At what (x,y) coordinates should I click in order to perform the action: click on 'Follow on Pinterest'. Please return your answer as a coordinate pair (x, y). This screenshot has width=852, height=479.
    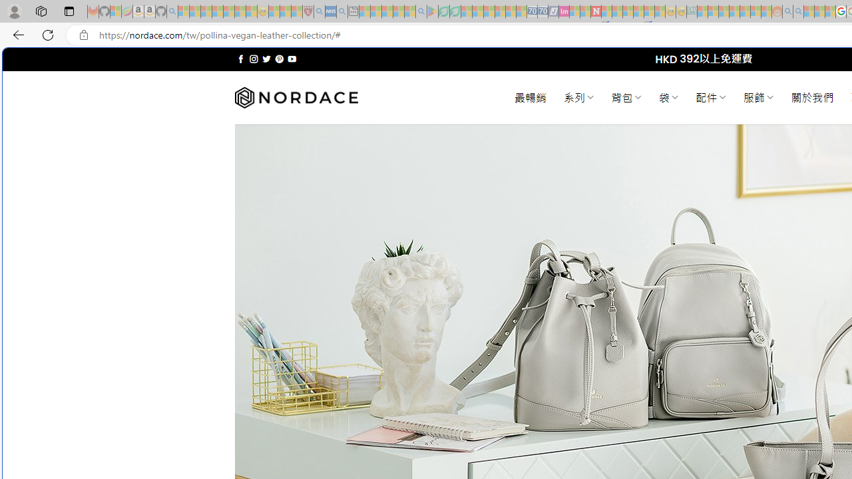
    Looking at the image, I should click on (278, 59).